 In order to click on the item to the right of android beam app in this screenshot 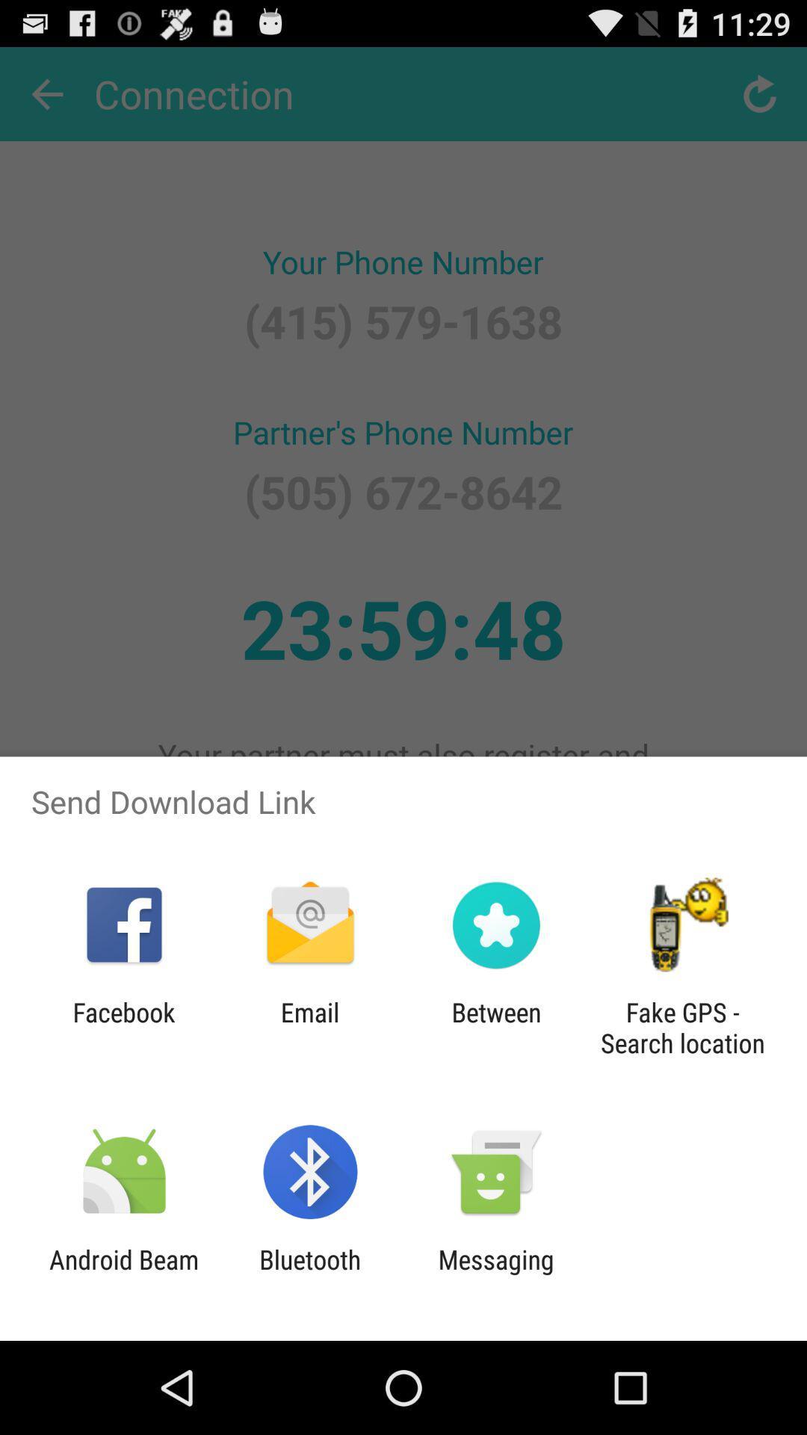, I will do `click(309, 1274)`.